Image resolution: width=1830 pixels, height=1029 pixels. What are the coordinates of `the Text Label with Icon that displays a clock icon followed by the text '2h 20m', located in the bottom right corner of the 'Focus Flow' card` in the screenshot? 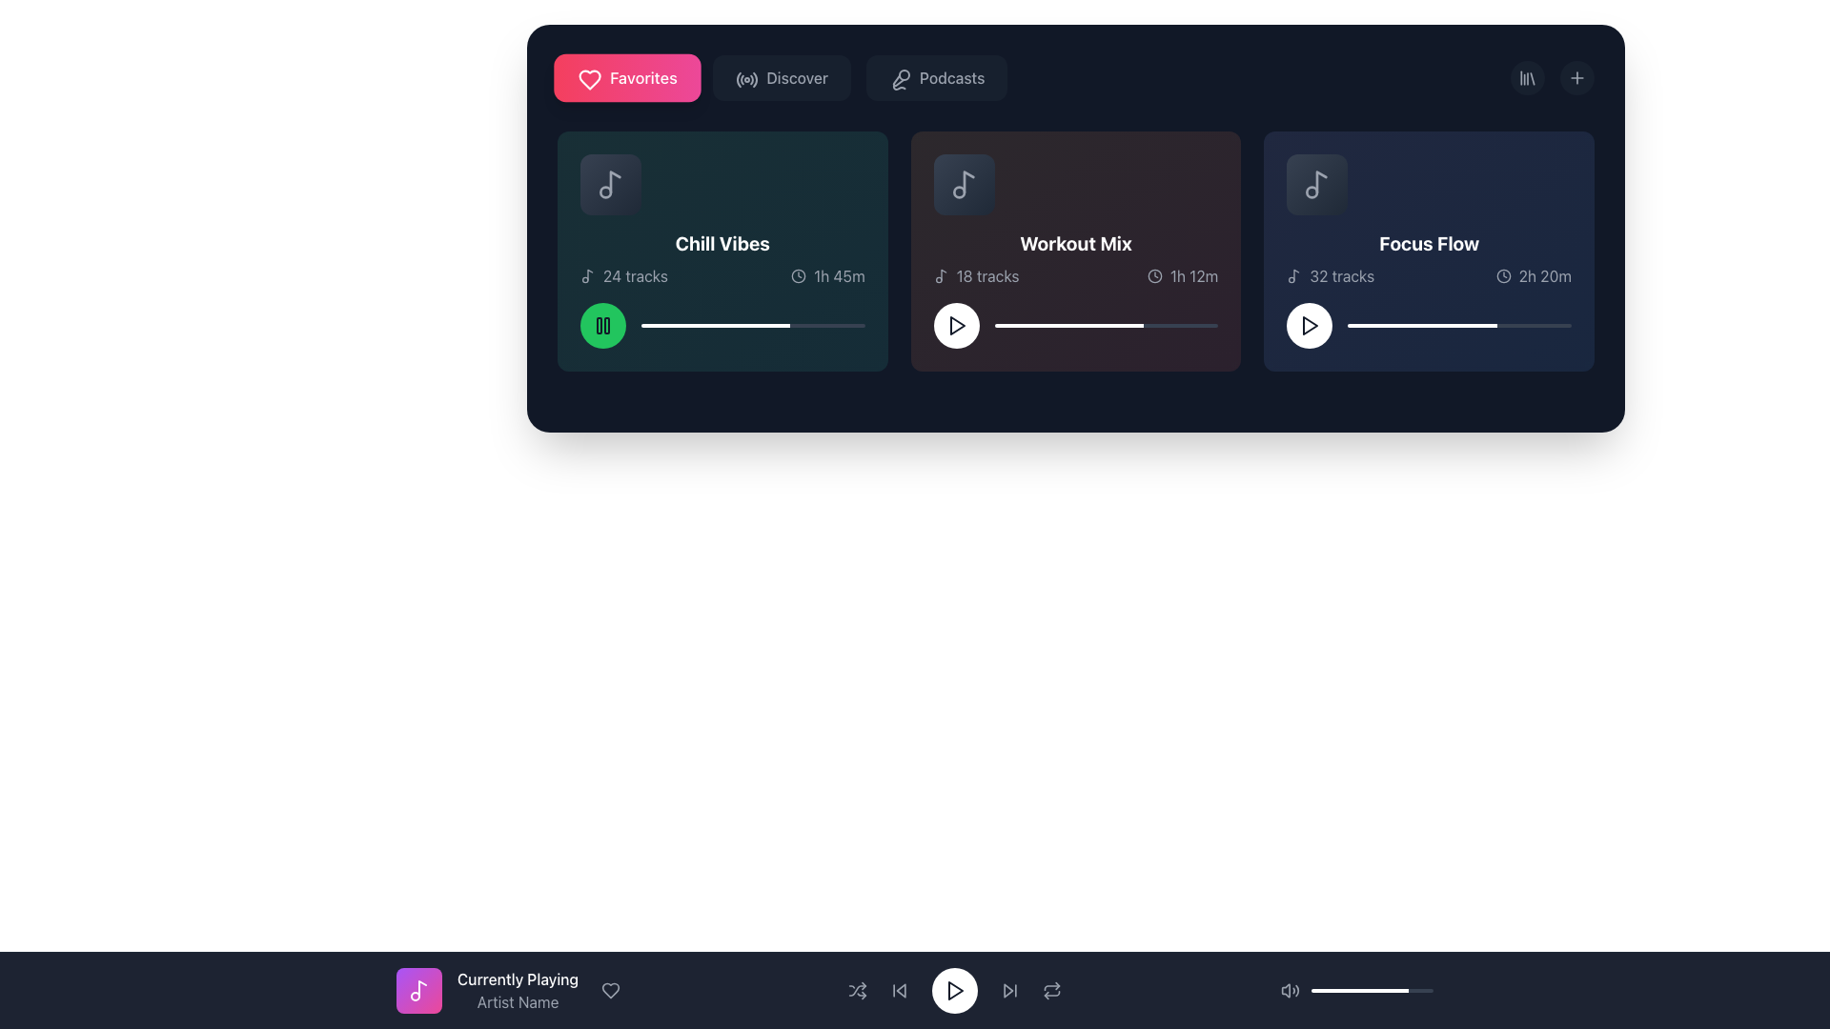 It's located at (1534, 275).